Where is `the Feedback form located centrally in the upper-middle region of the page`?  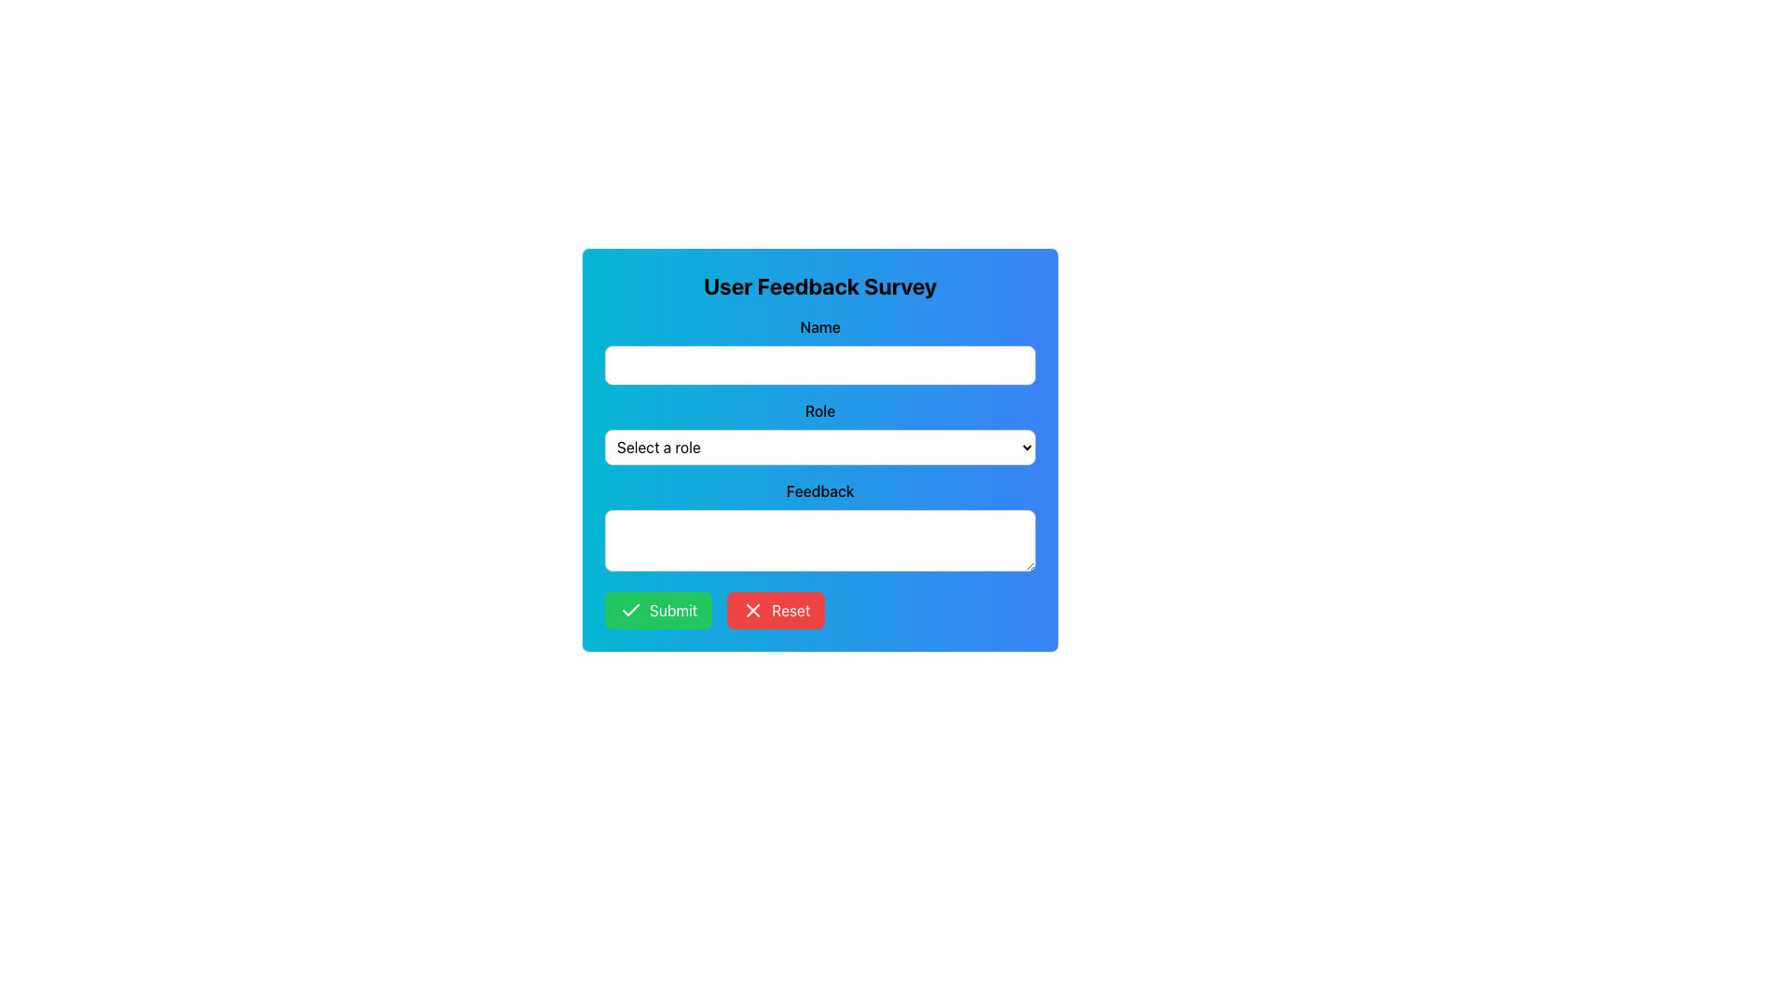 the Feedback form located centrally in the upper-middle region of the page is located at coordinates (819, 449).